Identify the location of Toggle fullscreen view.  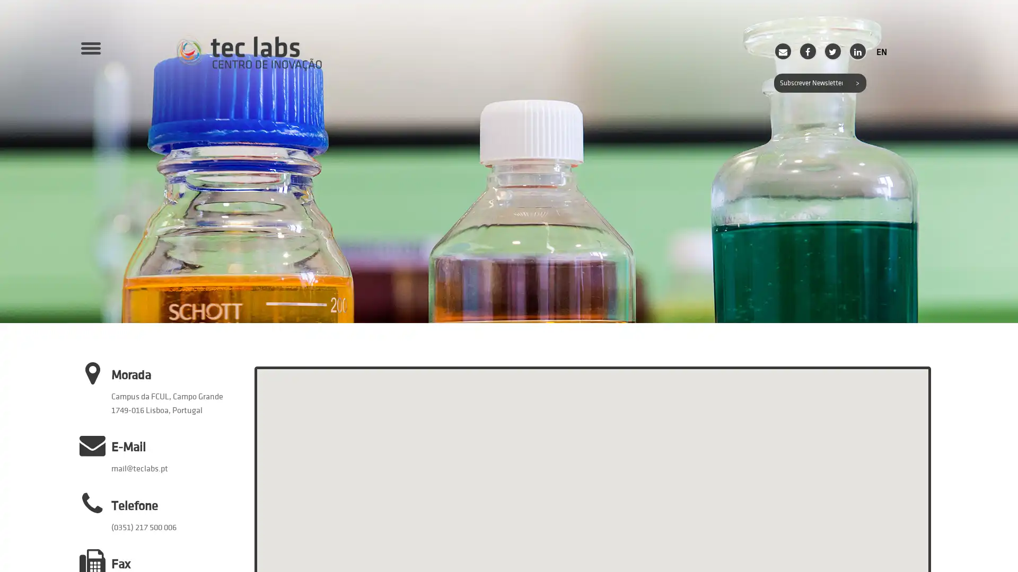
(911, 385).